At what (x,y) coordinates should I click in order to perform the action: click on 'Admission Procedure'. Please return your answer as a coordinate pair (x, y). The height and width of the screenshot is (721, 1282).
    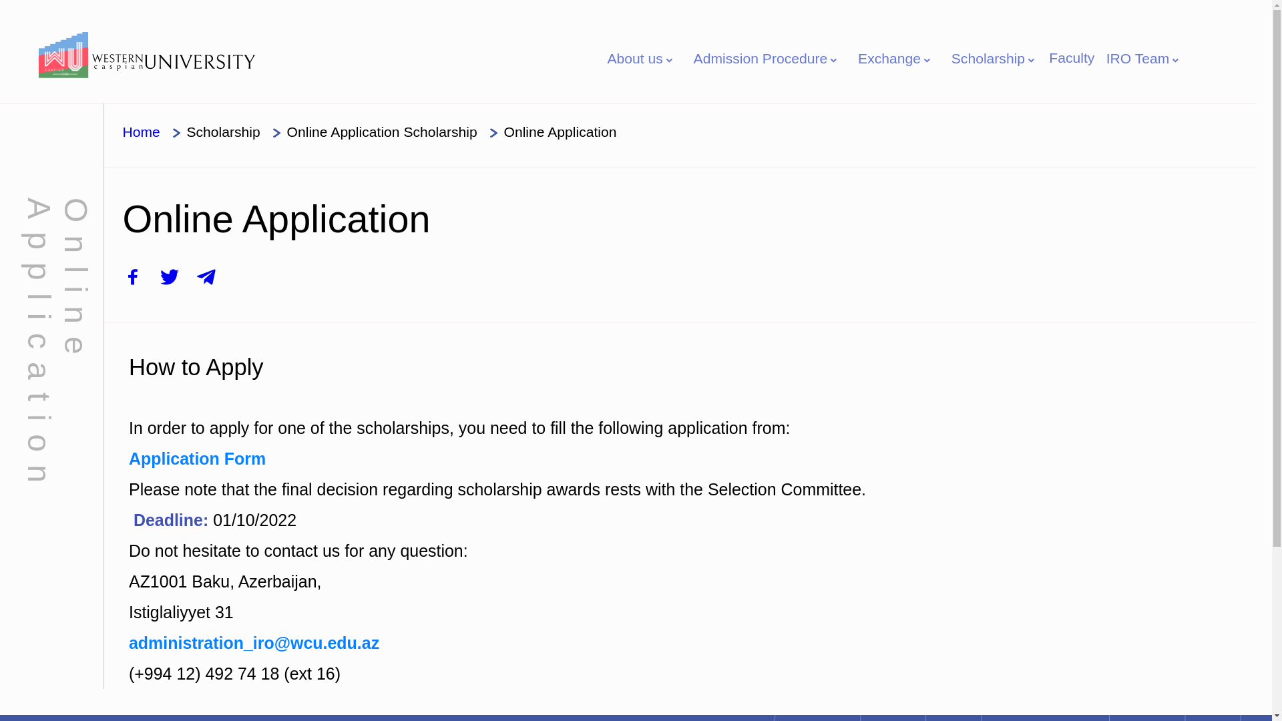
    Looking at the image, I should click on (767, 58).